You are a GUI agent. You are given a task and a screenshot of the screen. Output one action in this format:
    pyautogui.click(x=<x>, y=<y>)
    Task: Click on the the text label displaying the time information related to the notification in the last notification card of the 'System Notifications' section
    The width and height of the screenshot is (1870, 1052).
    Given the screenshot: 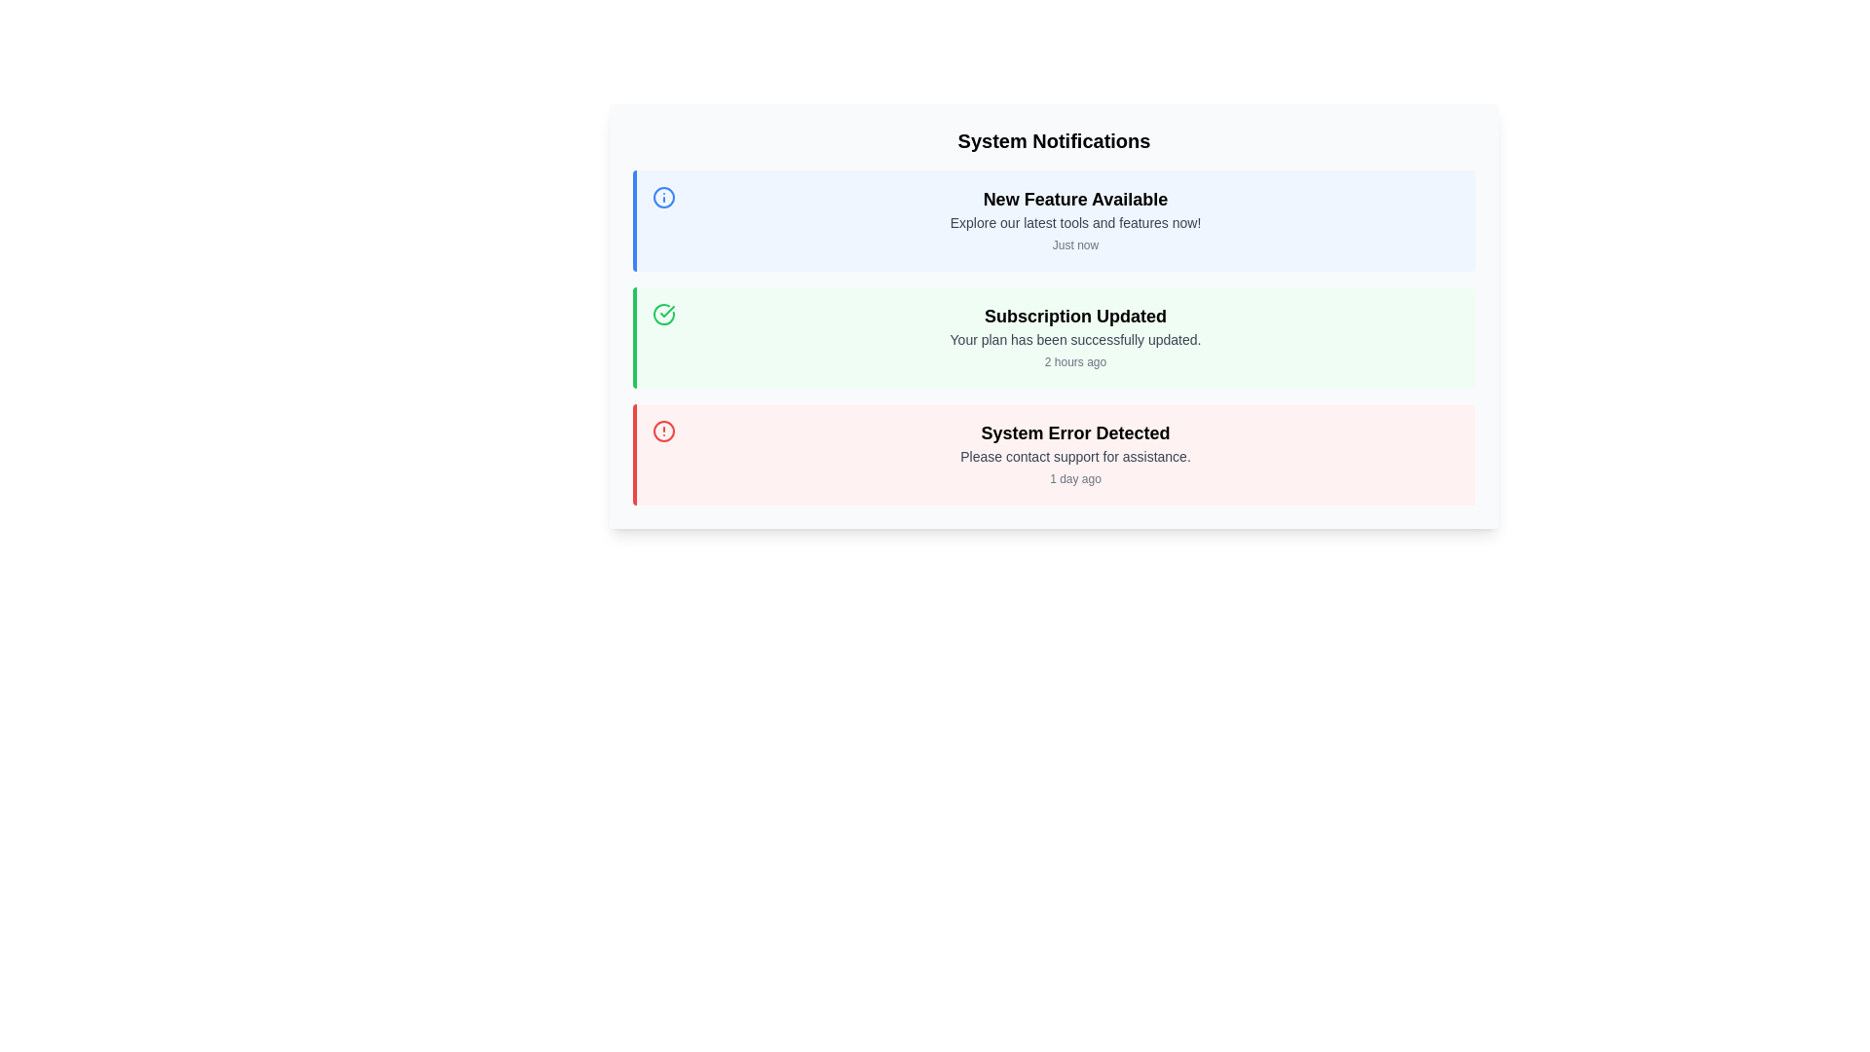 What is the action you would take?
    pyautogui.click(x=1074, y=479)
    